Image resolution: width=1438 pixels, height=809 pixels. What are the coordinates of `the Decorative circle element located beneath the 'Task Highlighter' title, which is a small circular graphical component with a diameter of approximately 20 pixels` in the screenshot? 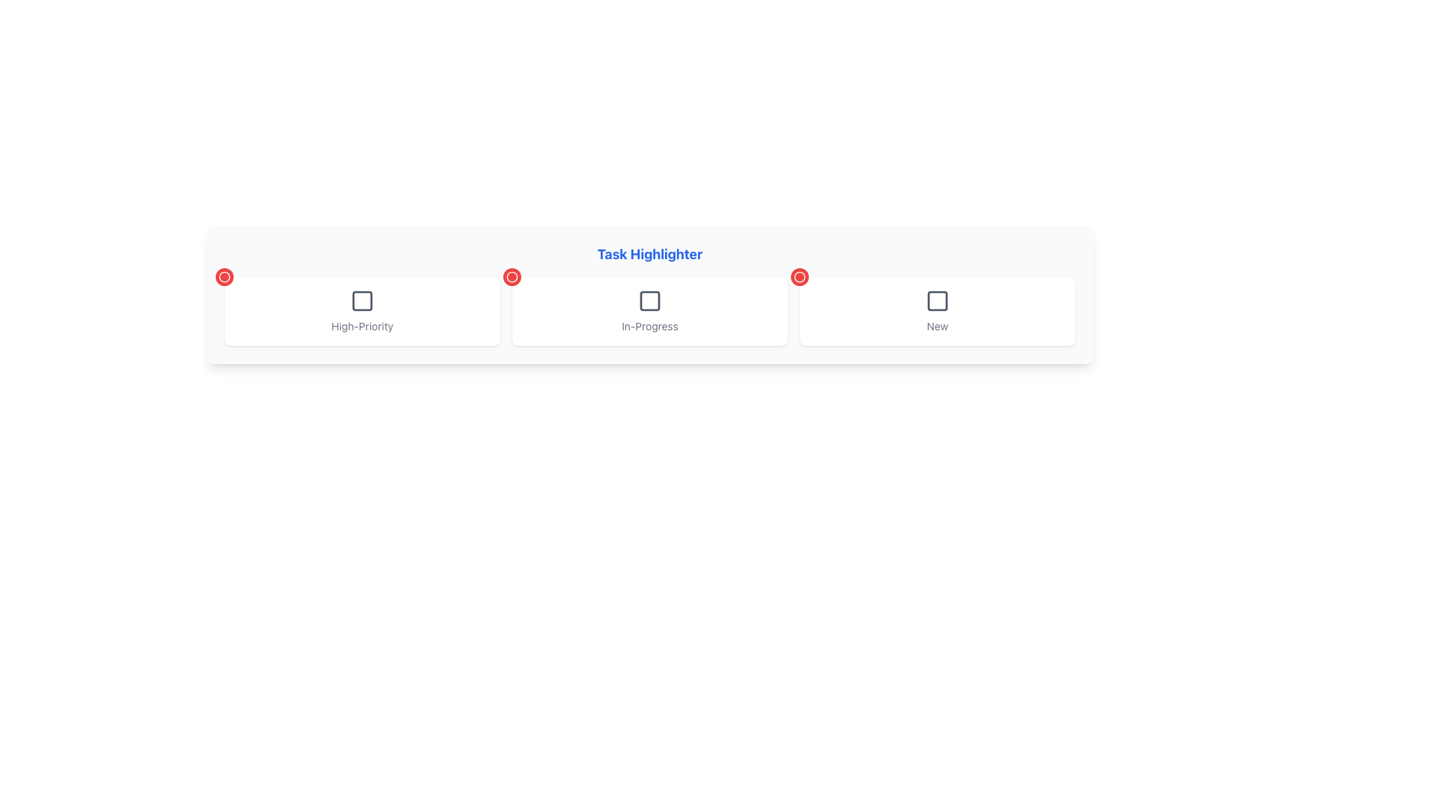 It's located at (512, 277).